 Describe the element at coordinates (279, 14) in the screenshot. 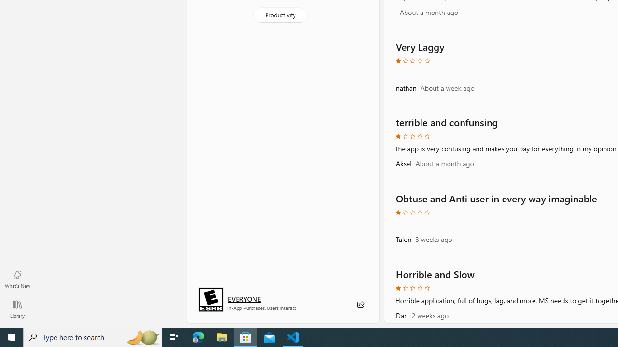

I see `'Productivity'` at that location.